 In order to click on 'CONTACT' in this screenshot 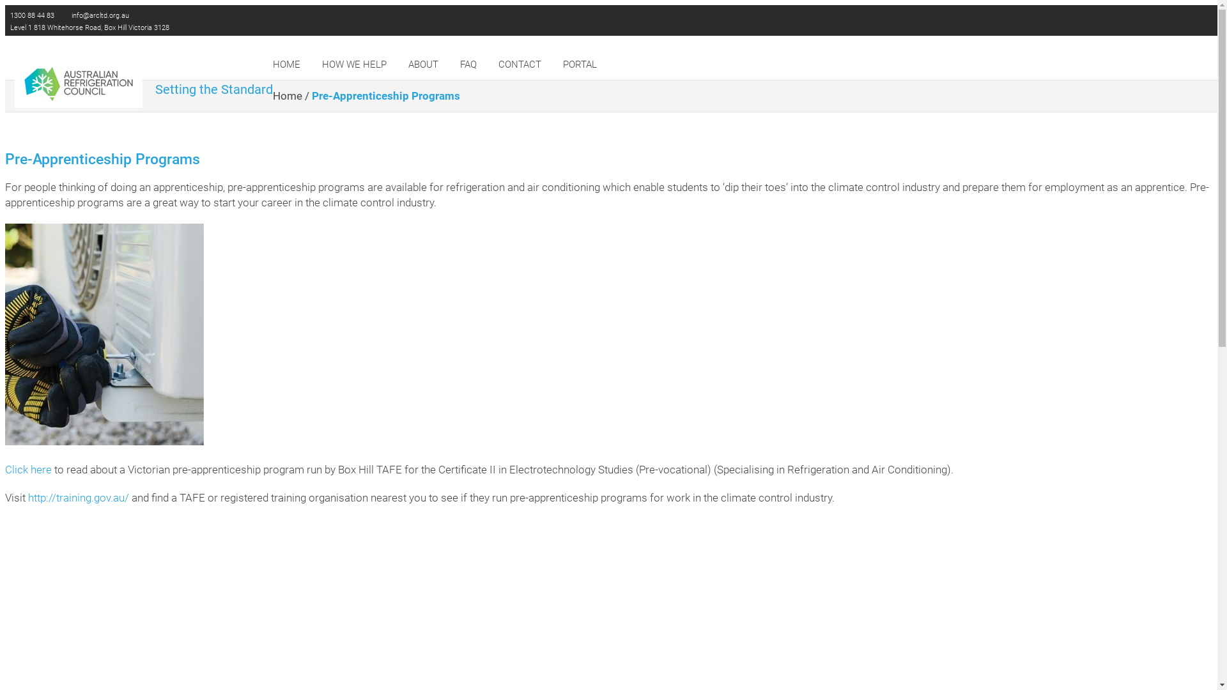, I will do `click(520, 64)`.